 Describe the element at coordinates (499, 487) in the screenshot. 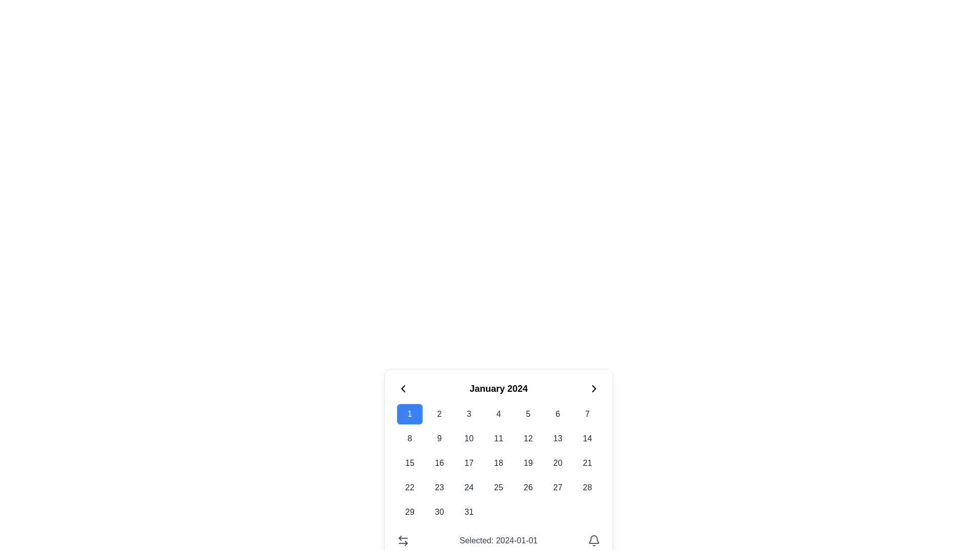

I see `the calendar date element representing the 25th of January 2024, located in the fifth week and fourth column of the calendar grid` at that location.